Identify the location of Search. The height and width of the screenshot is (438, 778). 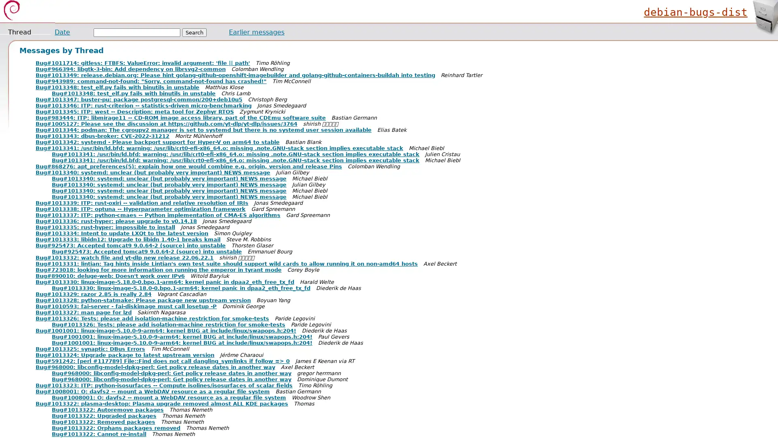
(194, 32).